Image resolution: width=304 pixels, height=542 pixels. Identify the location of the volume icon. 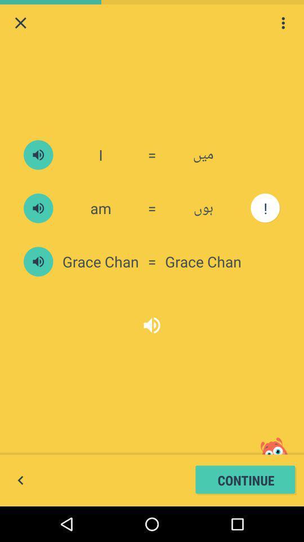
(38, 165).